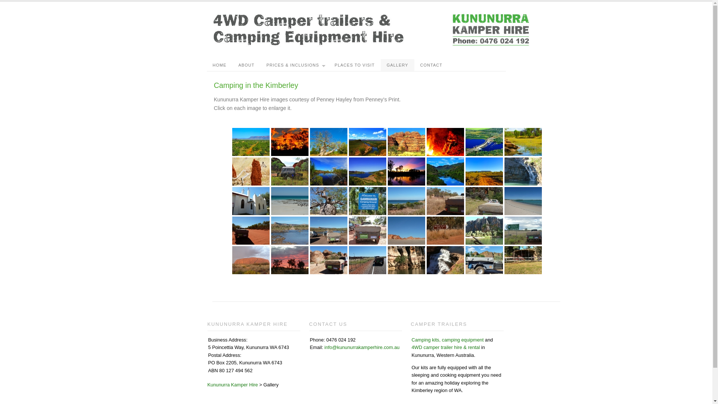  I want to click on '4WD camper trailer hire & rental', so click(445, 347).